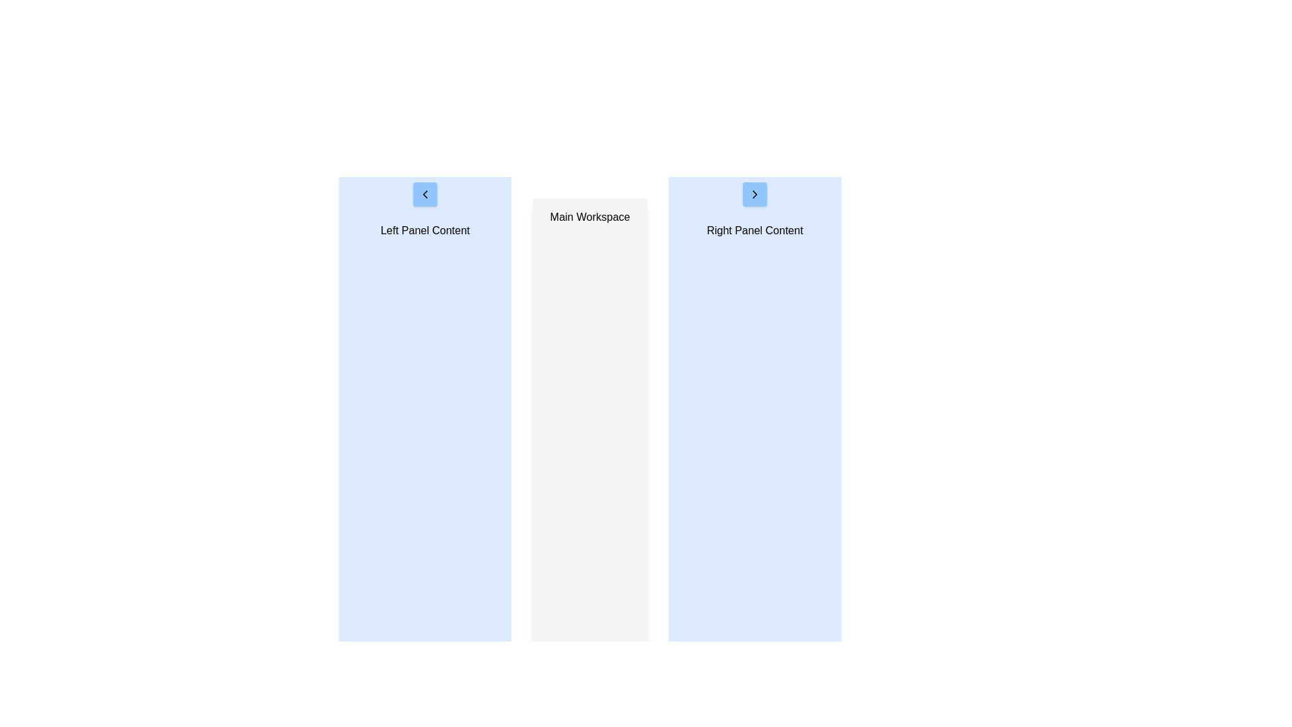 The height and width of the screenshot is (727, 1292). Describe the element at coordinates (755, 195) in the screenshot. I see `the right-pointing chevron arrow icon with a black outline on a light blue square background, located in the upper section of the right panel` at that location.